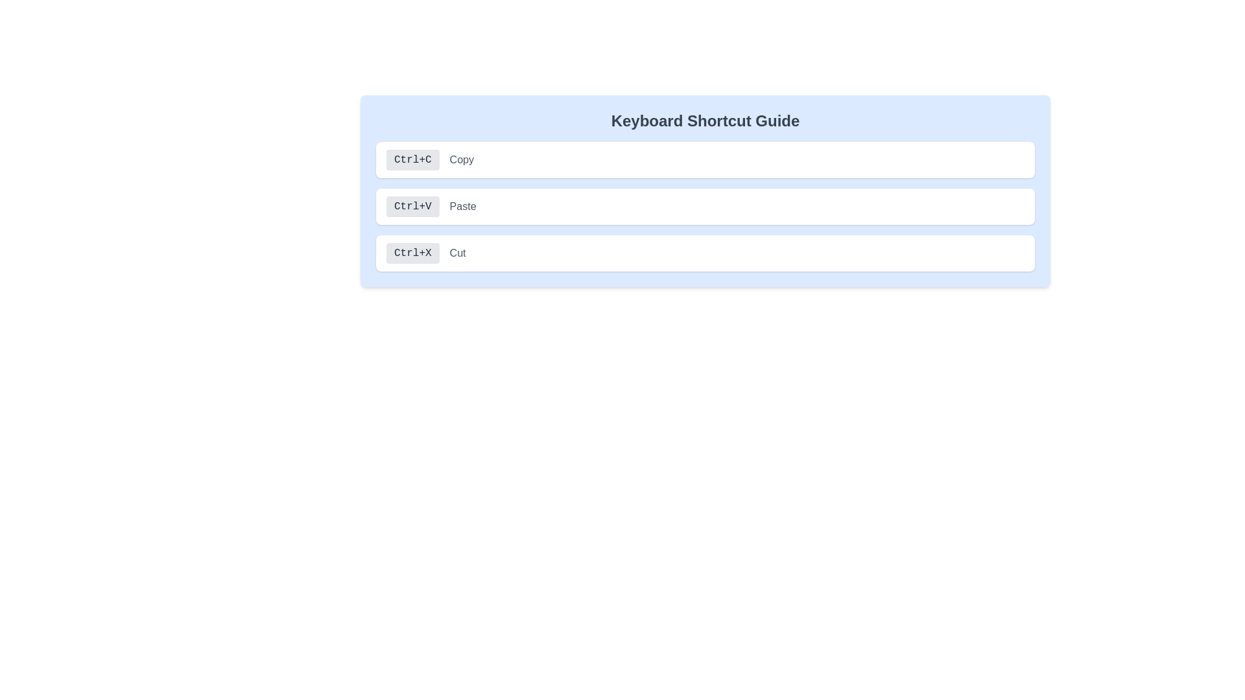 This screenshot has width=1245, height=700. Describe the element at coordinates (457, 253) in the screenshot. I see `the descriptive text associated with the 'Cut' functionality for the shortcut 'Ctrl+X' in the 'Keyboard Shortcut Guide' panel` at that location.